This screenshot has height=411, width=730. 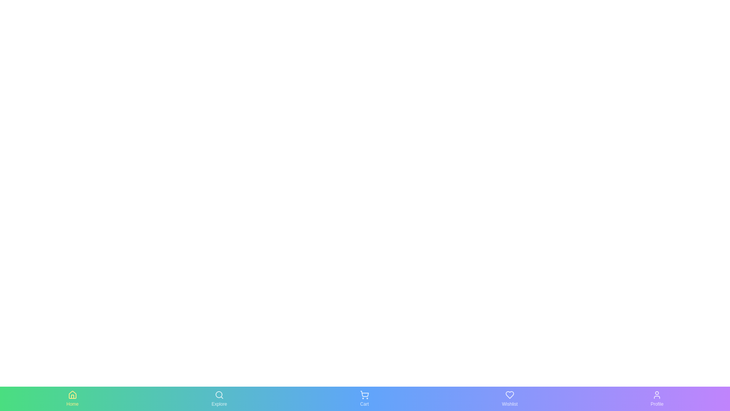 I want to click on the Cart text label to activate the corresponding tab, so click(x=364, y=403).